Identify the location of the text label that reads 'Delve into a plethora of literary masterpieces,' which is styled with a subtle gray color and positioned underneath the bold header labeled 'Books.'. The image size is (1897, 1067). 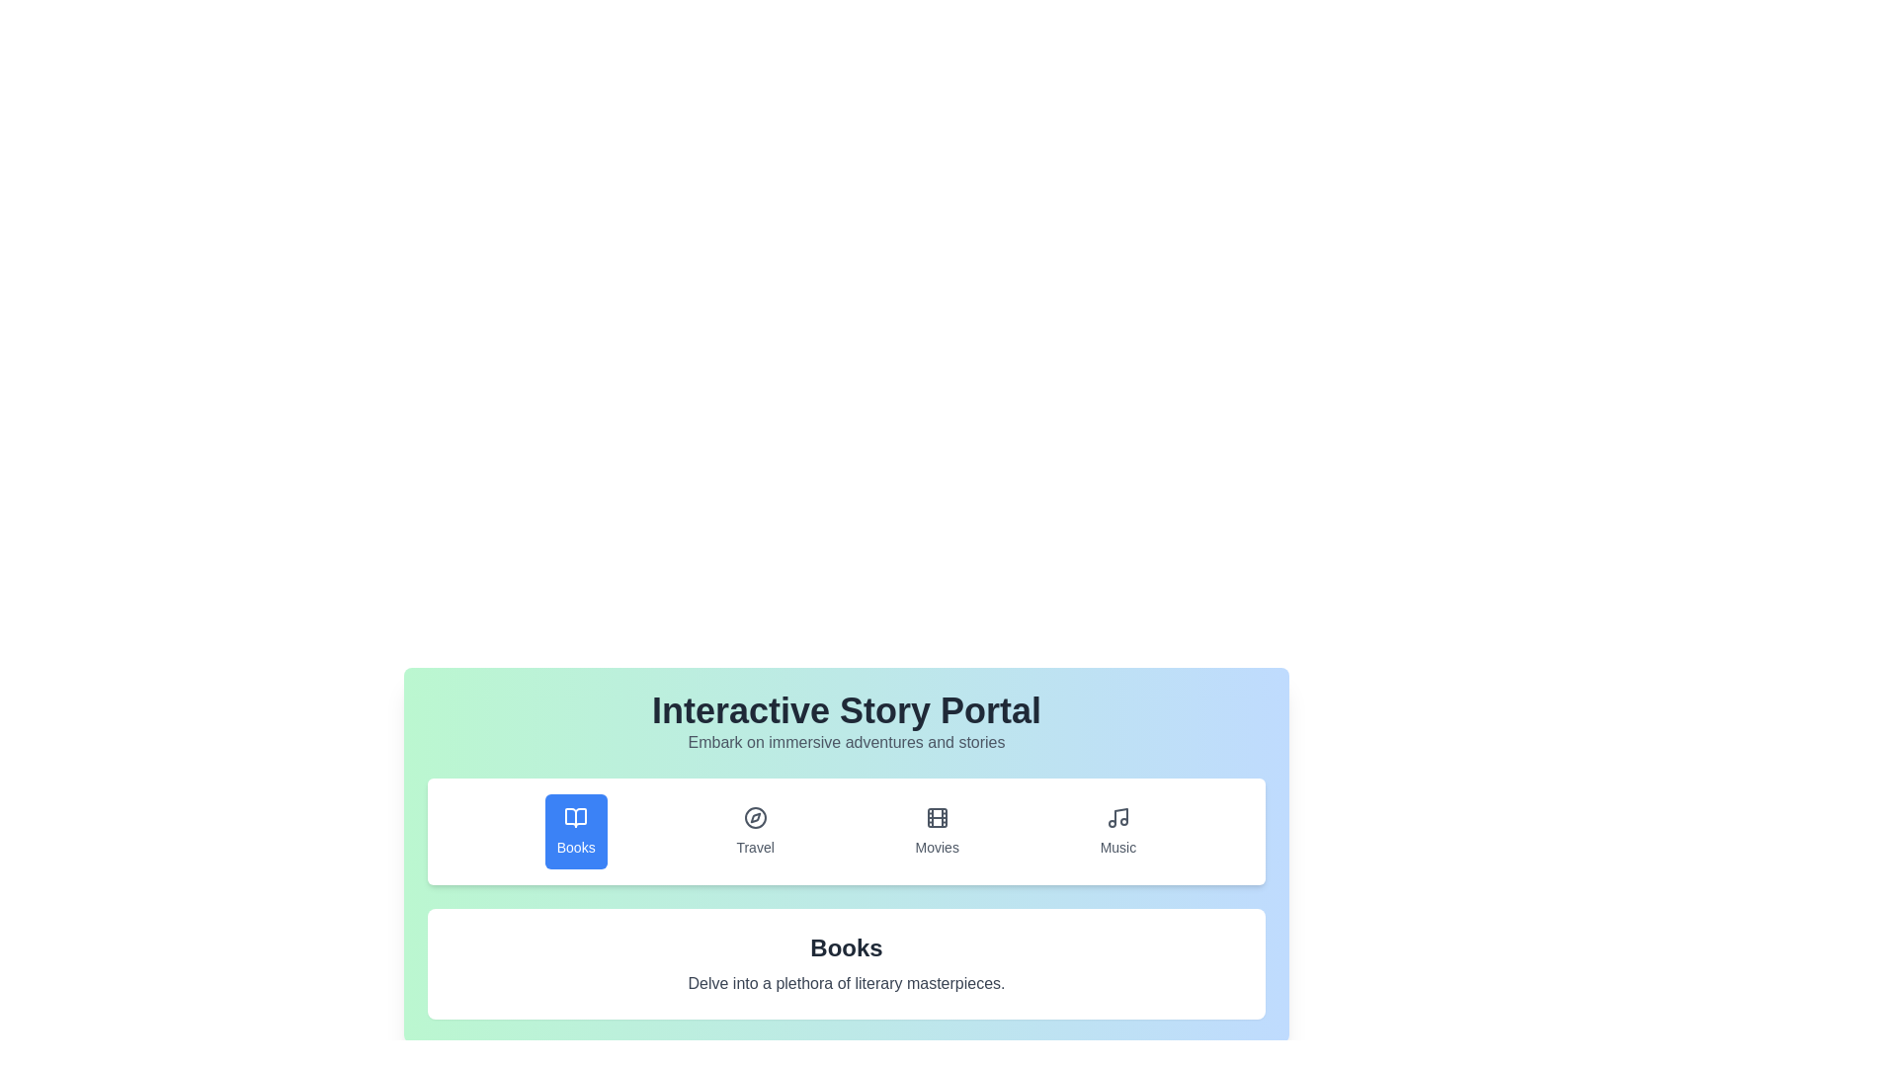
(847, 983).